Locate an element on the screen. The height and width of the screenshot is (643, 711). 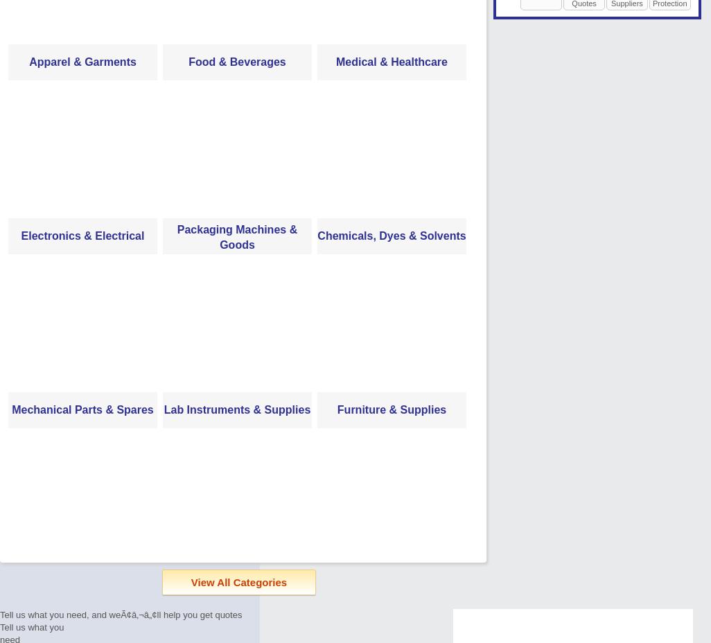
'Chemicals, Dyes & Solvents' is located at coordinates (391, 235).